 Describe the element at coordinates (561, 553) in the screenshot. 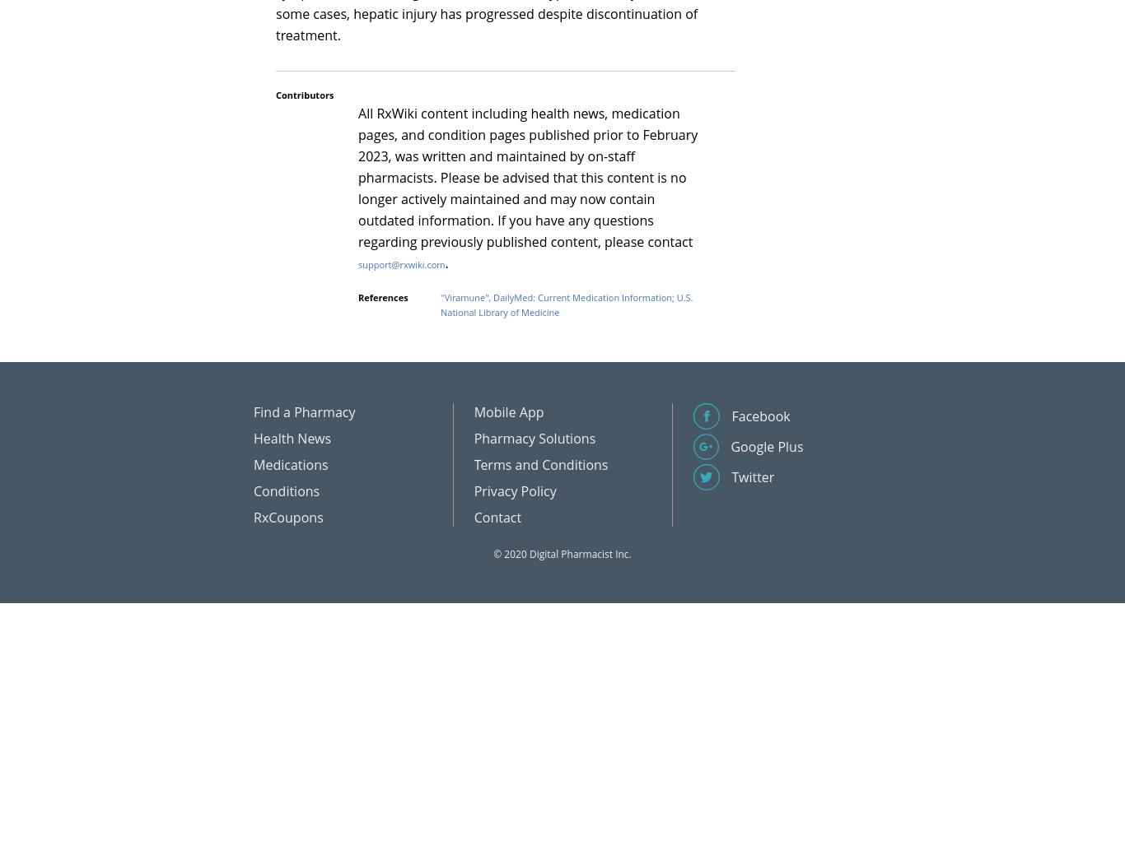

I see `'© 2020 Digital Pharmacist Inc.'` at that location.